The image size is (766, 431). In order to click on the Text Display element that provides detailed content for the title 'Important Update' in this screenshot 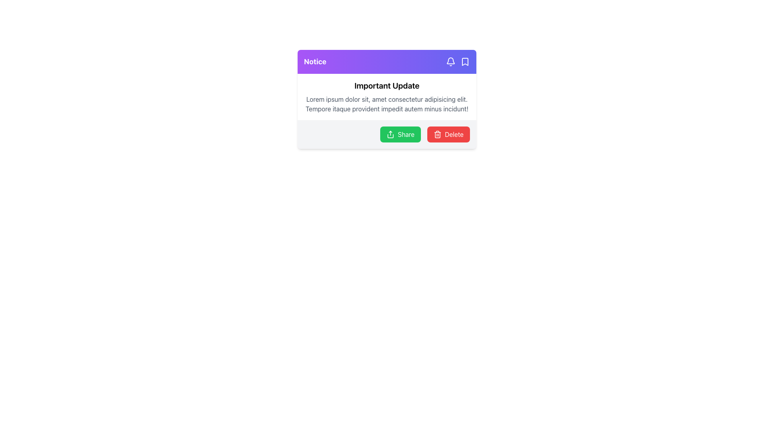, I will do `click(387, 104)`.